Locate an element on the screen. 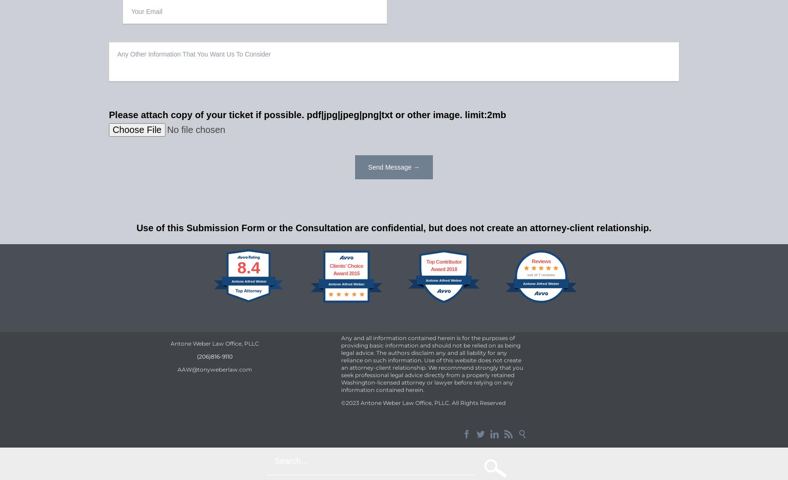 Image resolution: width=788 pixels, height=480 pixels. 'Award 2015' is located at coordinates (345, 272).